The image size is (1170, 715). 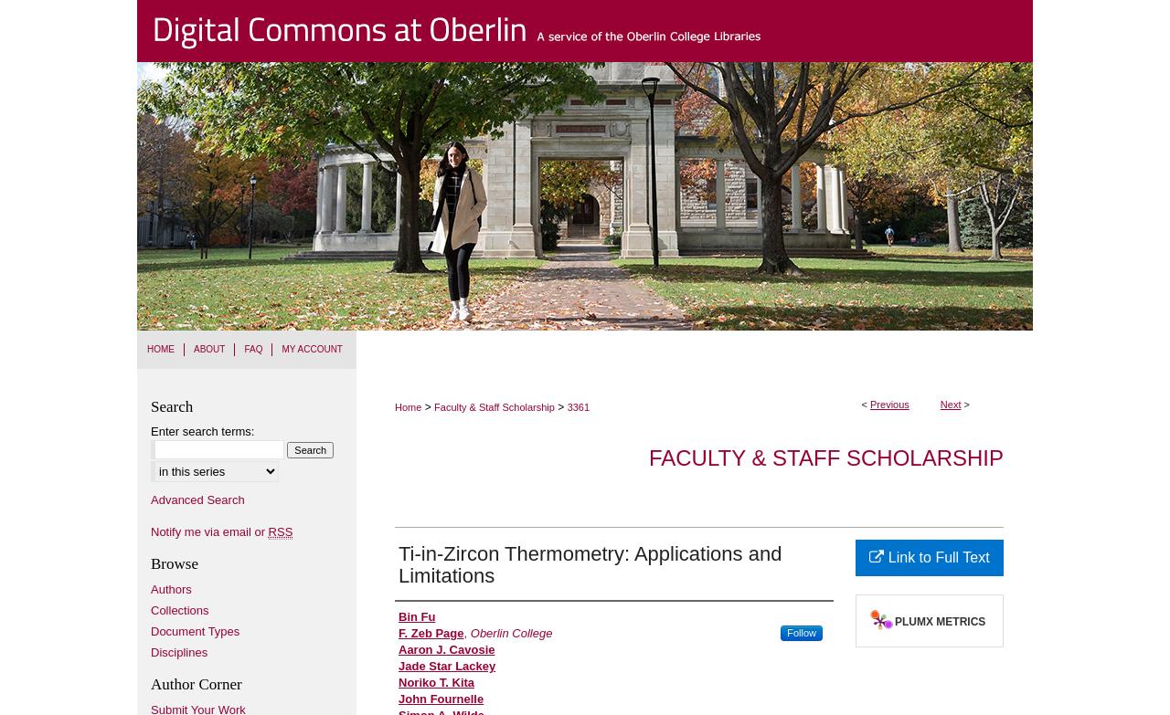 What do you see at coordinates (864, 404) in the screenshot?
I see `'<'` at bounding box center [864, 404].